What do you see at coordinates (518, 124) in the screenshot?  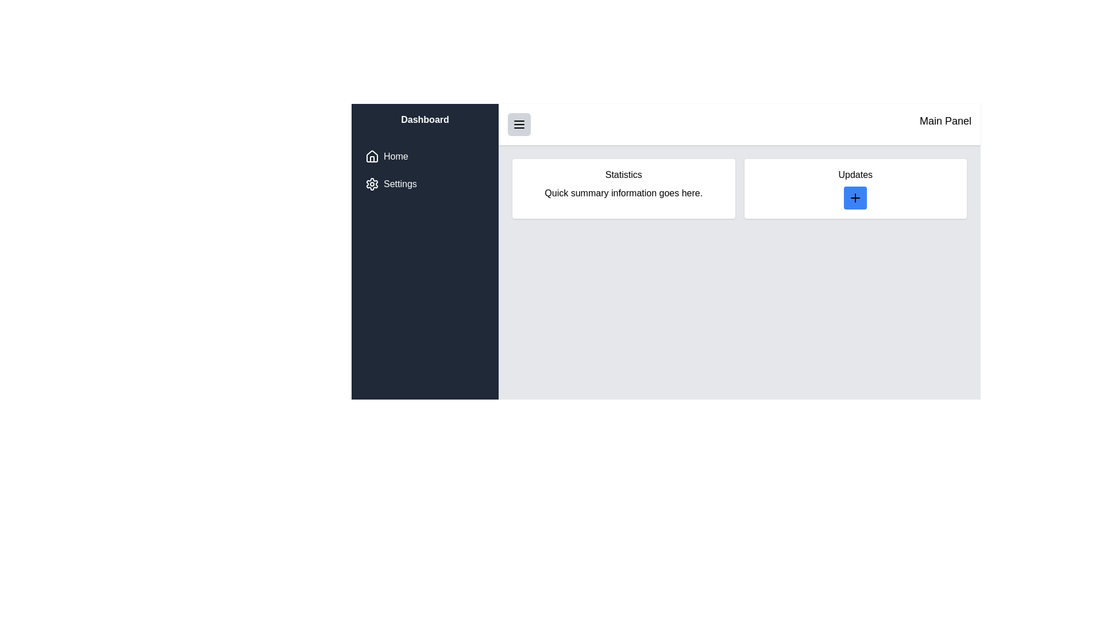 I see `the menu icon button, which is represented by three parallel black lines stacked vertically` at bounding box center [518, 124].